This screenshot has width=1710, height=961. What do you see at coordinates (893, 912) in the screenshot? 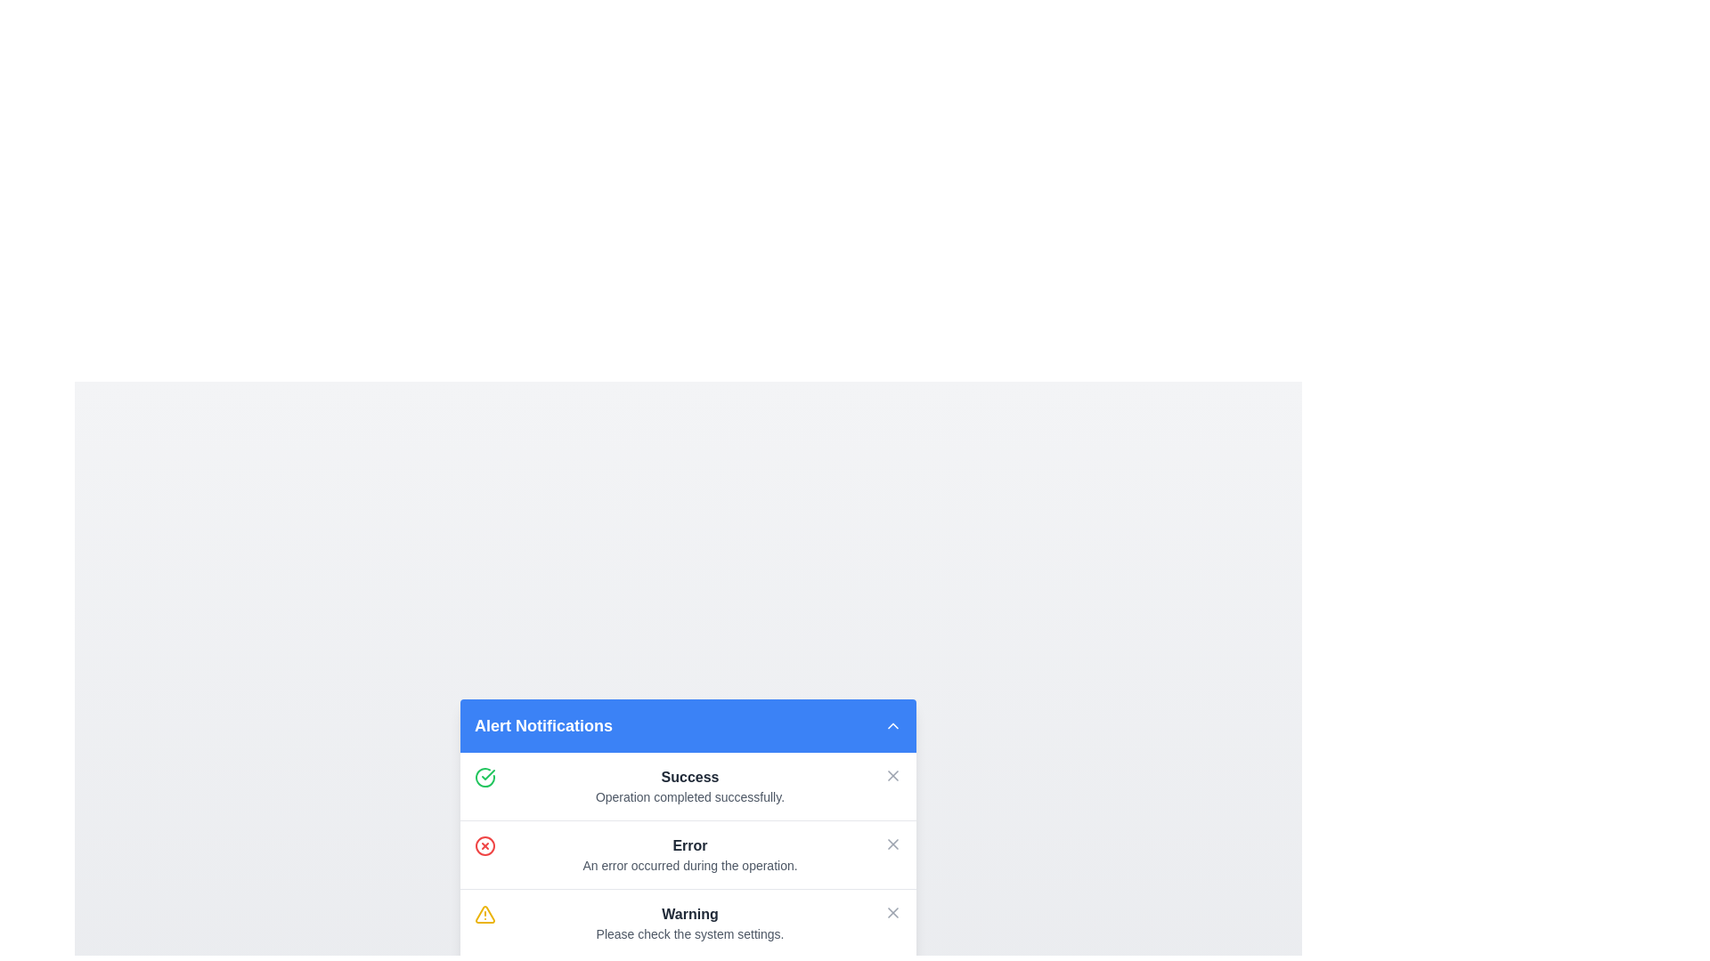
I see `the close button located at the top-right corner of the 'Warning' notification card` at bounding box center [893, 912].